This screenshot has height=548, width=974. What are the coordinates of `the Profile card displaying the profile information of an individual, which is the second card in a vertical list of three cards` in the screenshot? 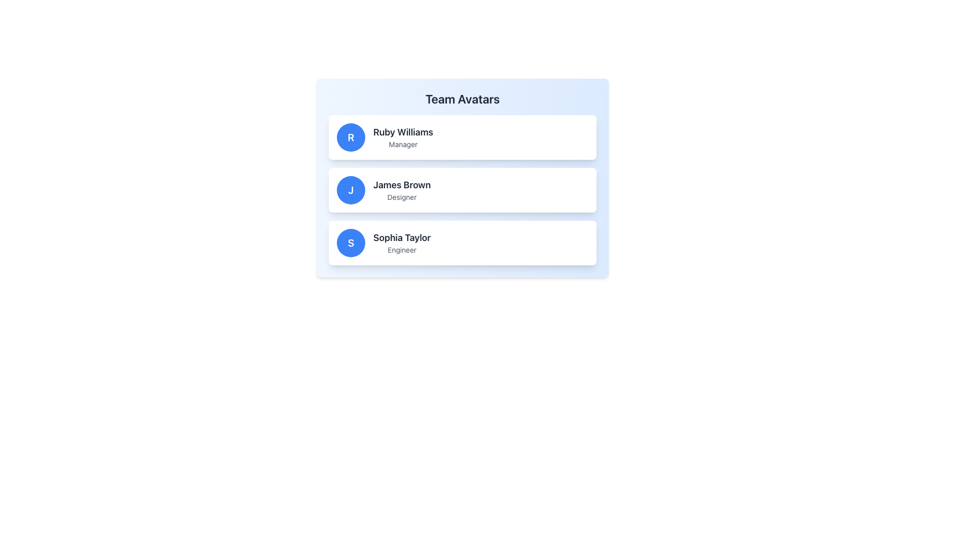 It's located at (462, 190).